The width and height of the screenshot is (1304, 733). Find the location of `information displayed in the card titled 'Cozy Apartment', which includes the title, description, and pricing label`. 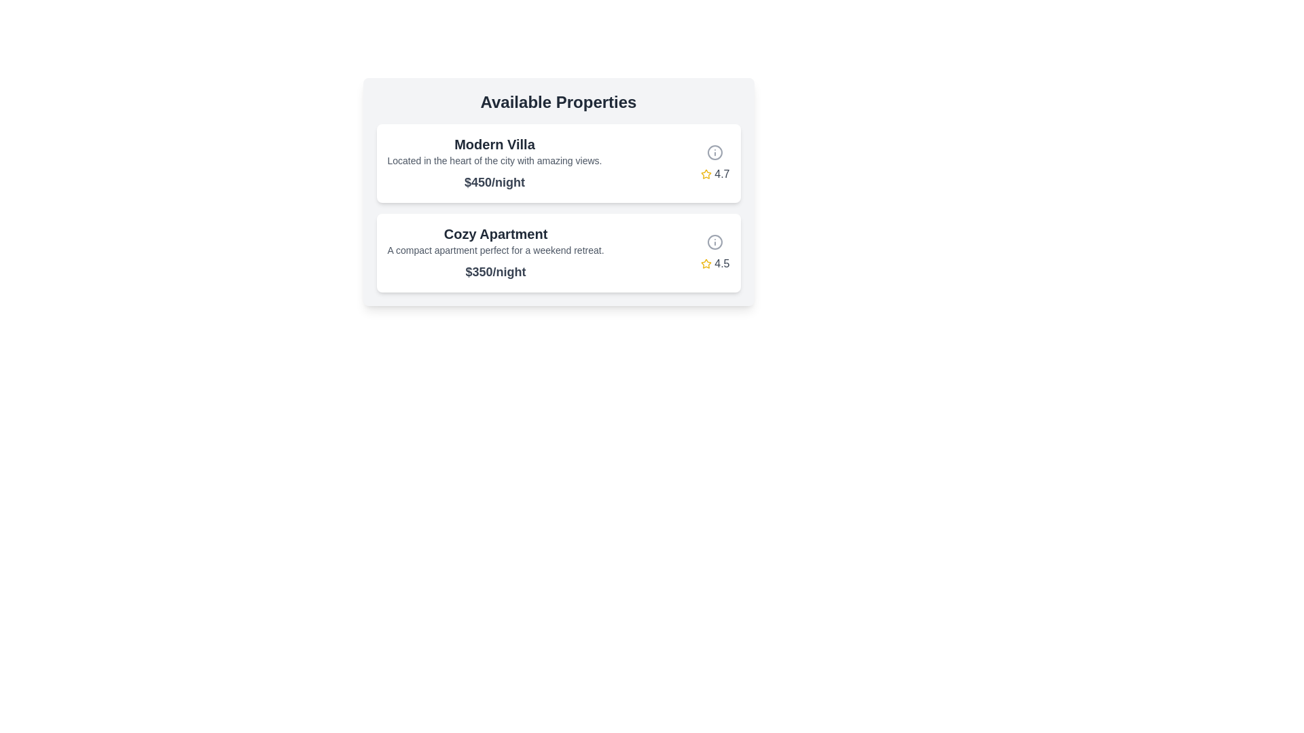

information displayed in the card titled 'Cozy Apartment', which includes the title, description, and pricing label is located at coordinates (494, 253).